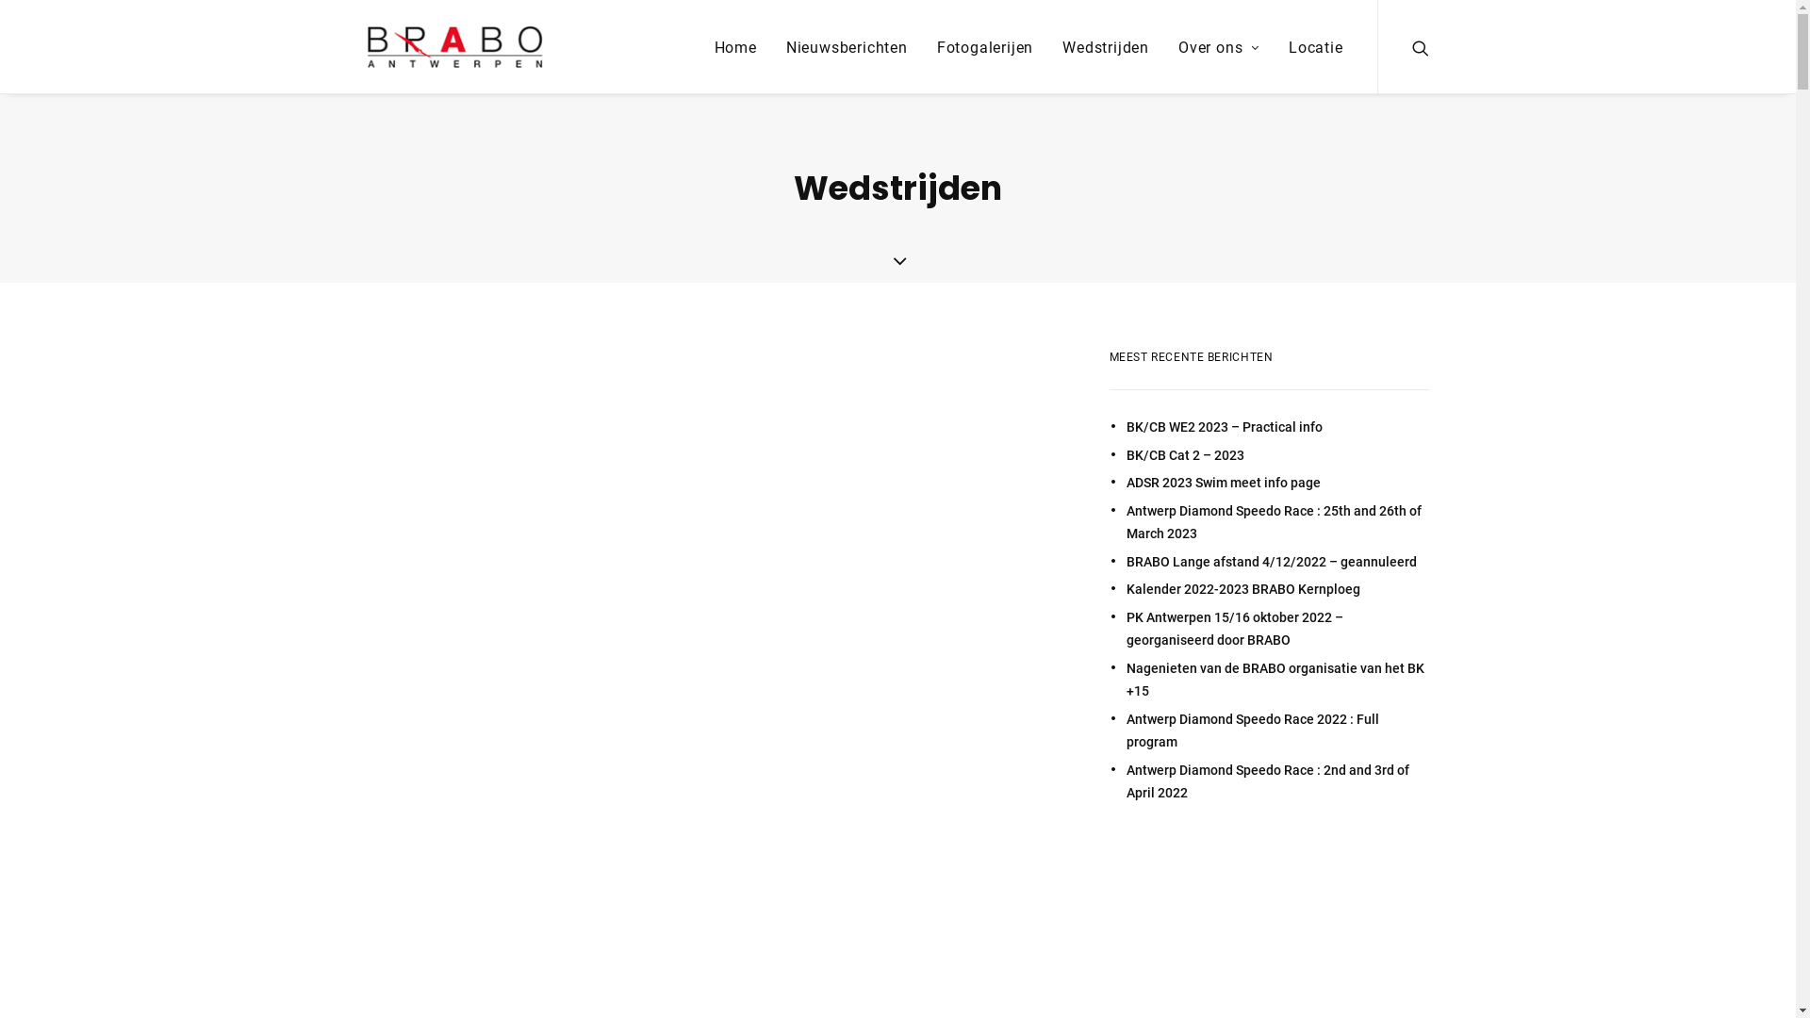  I want to click on 'Kalender 2022-2023 BRABO Kernploeg', so click(1126, 588).